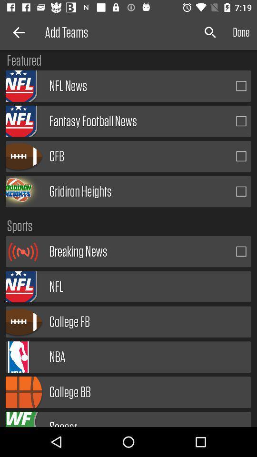  Describe the element at coordinates (210, 32) in the screenshot. I see `the item to the right of add teams item` at that location.